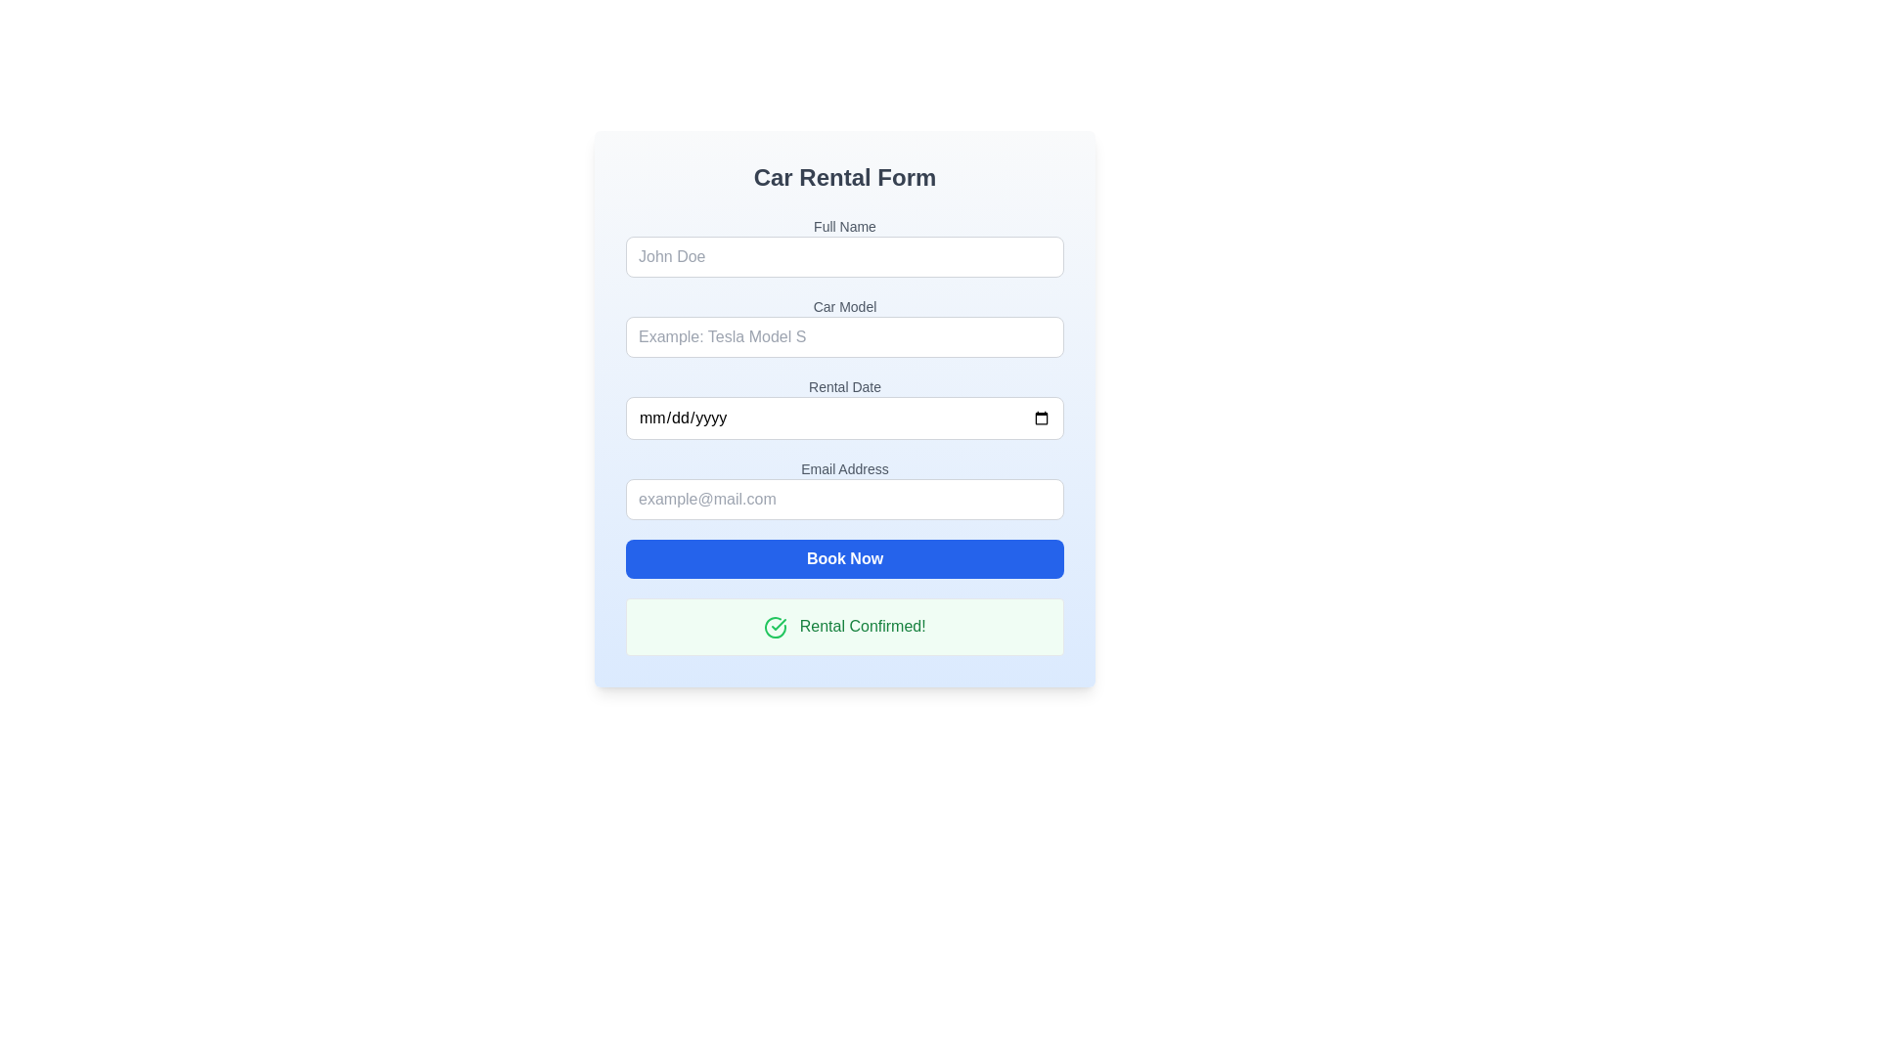 This screenshot has width=1878, height=1056. I want to click on the checkmark icon within the circular frame, which is styled in green and located to the left of the 'Rental Confirmed!' message, so click(778, 624).